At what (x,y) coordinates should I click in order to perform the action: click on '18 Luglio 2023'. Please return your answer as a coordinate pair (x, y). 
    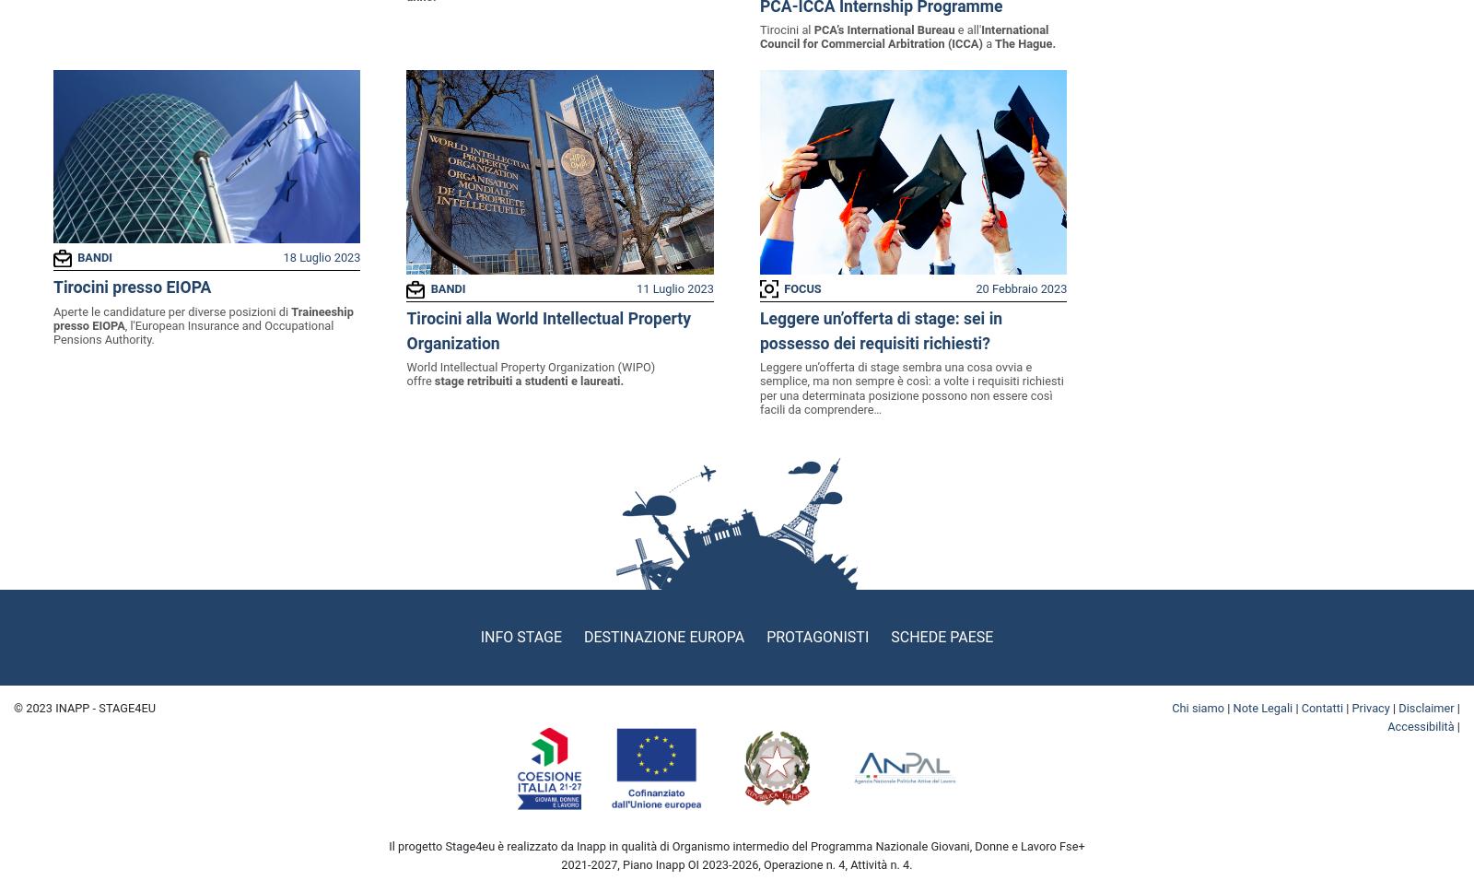
    Looking at the image, I should click on (321, 256).